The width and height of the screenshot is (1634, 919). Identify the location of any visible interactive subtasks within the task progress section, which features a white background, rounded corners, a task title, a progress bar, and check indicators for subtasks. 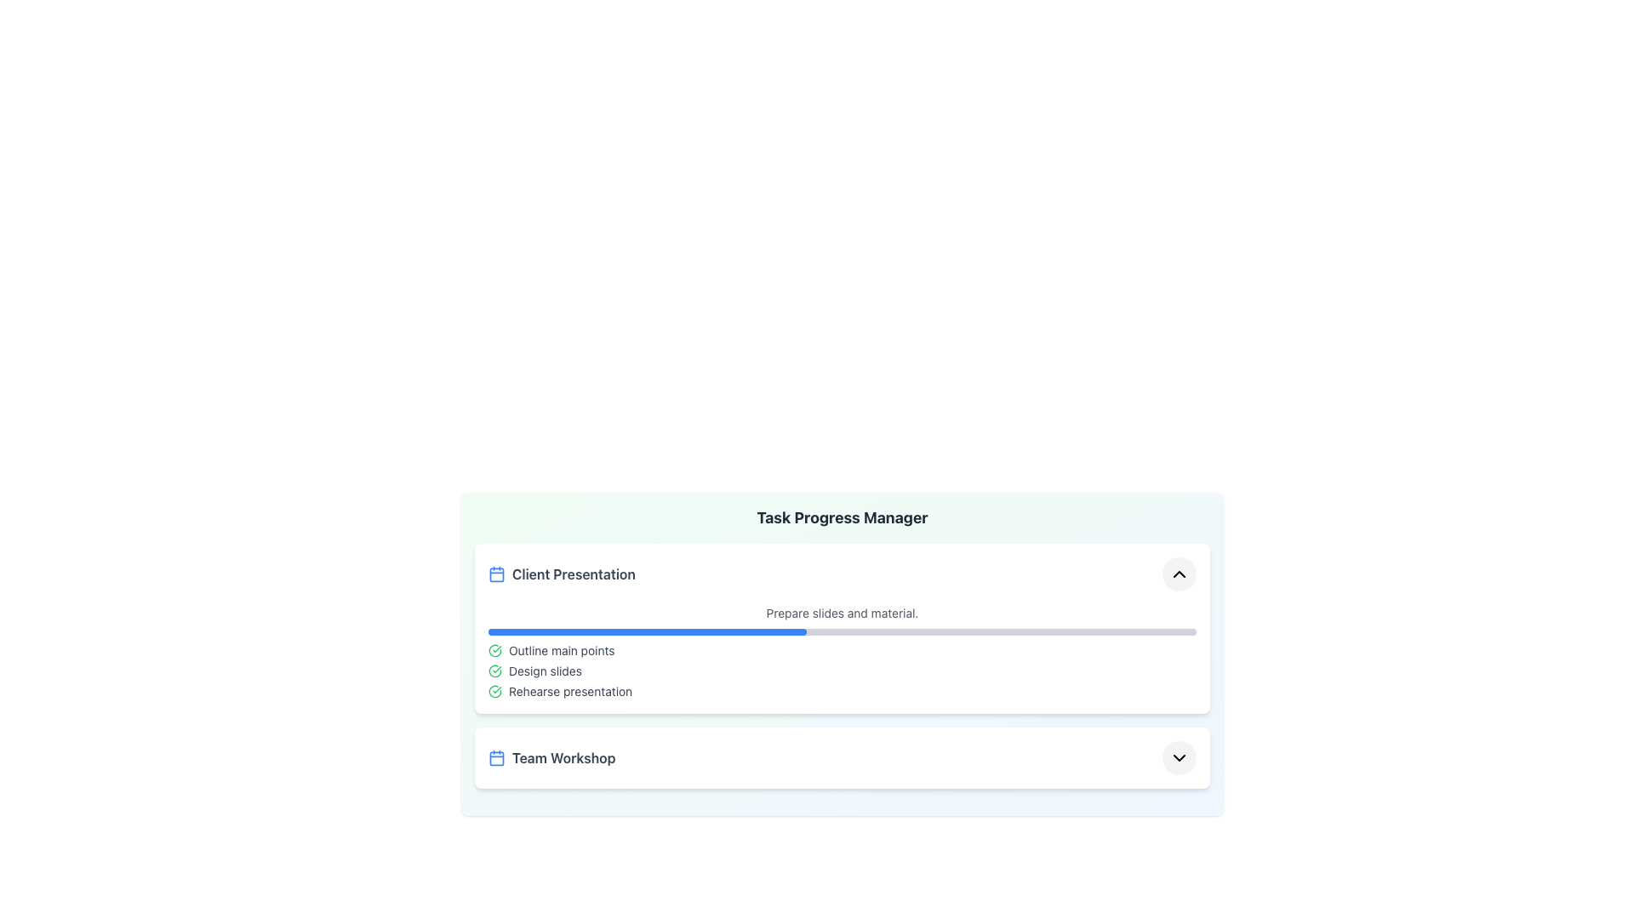
(842, 629).